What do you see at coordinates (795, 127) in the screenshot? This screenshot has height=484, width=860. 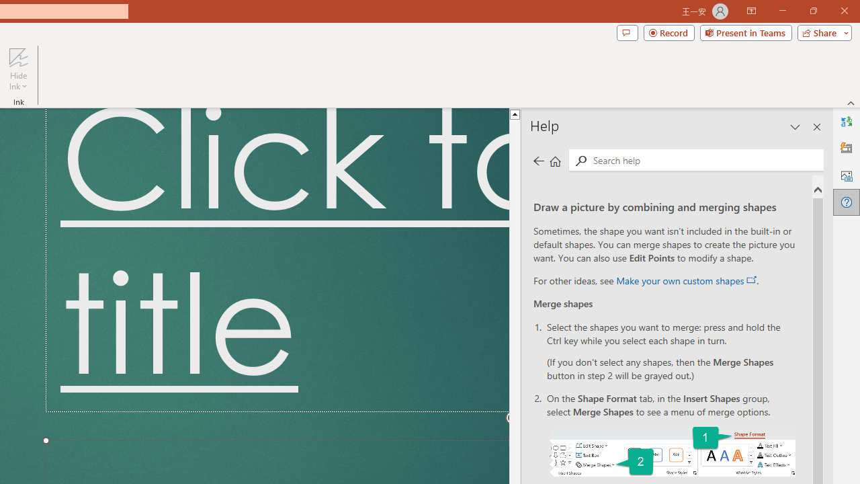 I see `'Task Pane Options'` at bounding box center [795, 127].